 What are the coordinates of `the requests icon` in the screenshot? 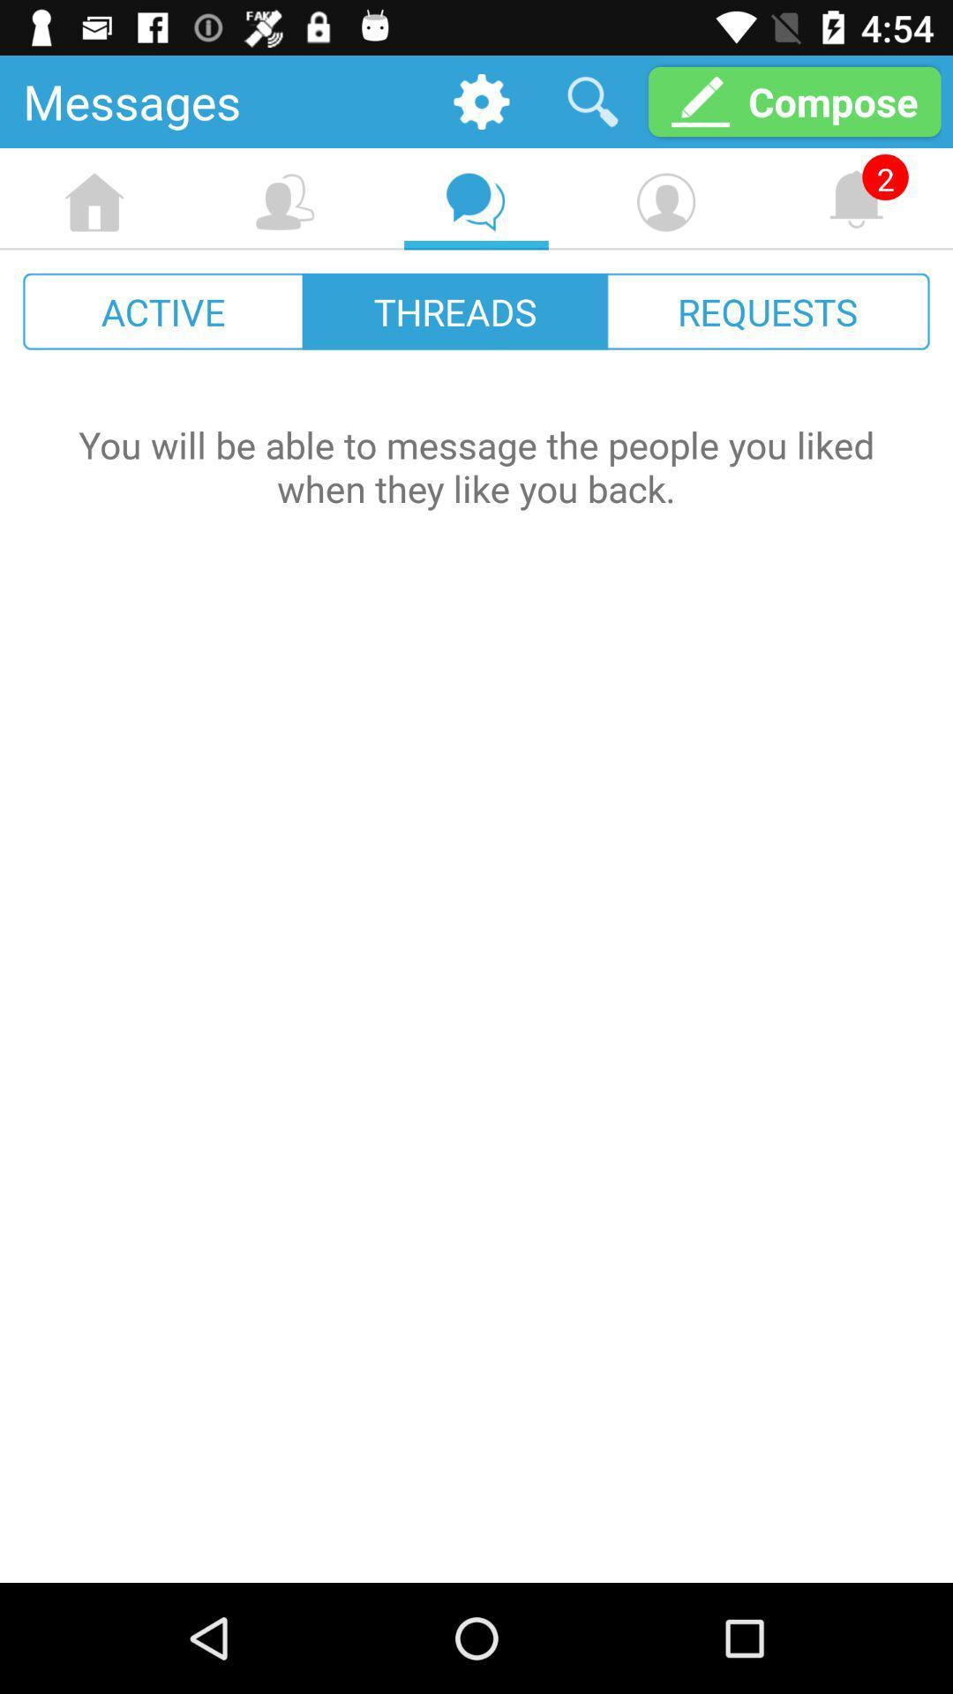 It's located at (767, 311).